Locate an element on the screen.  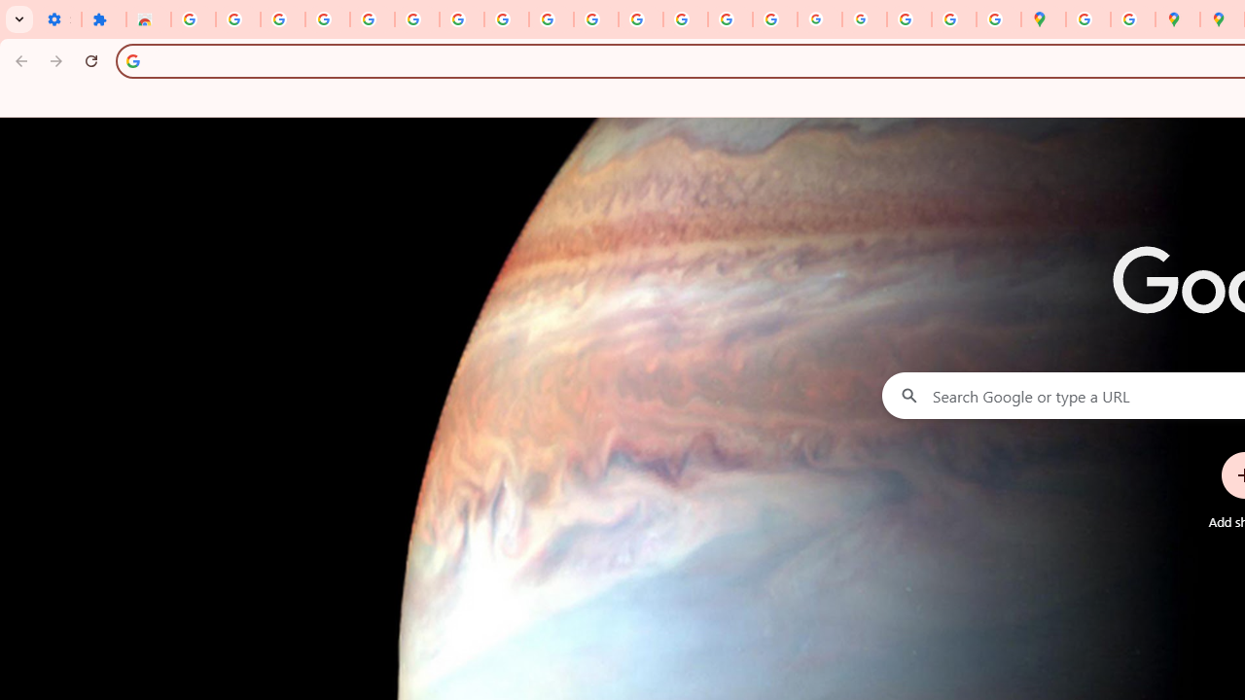
'Delete photos & videos - Computer - Google Photos Help' is located at coordinates (281, 19).